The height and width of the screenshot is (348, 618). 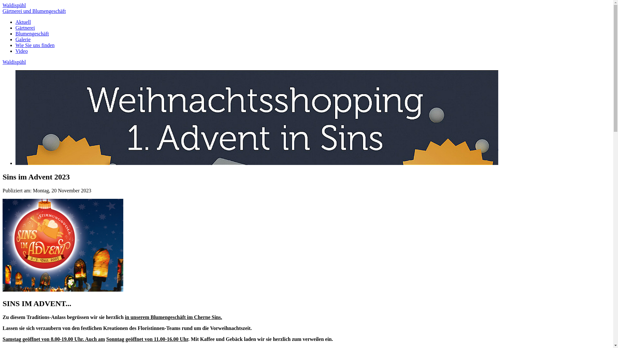 I want to click on 'Galerie', so click(x=15, y=39).